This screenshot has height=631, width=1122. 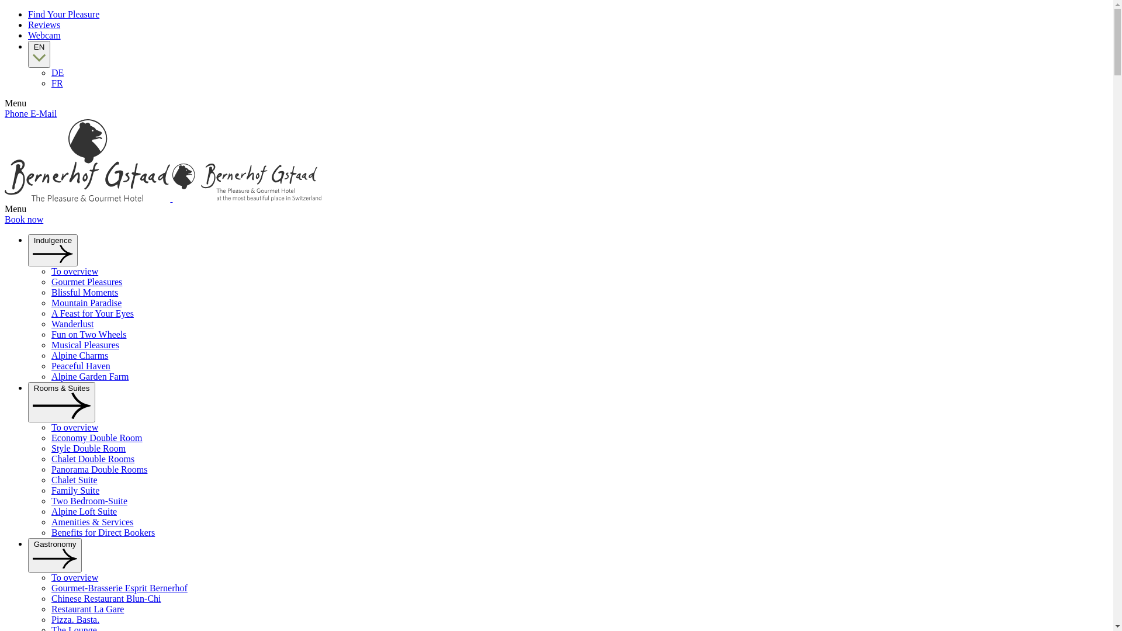 What do you see at coordinates (84, 344) in the screenshot?
I see `'Musical Pleasures'` at bounding box center [84, 344].